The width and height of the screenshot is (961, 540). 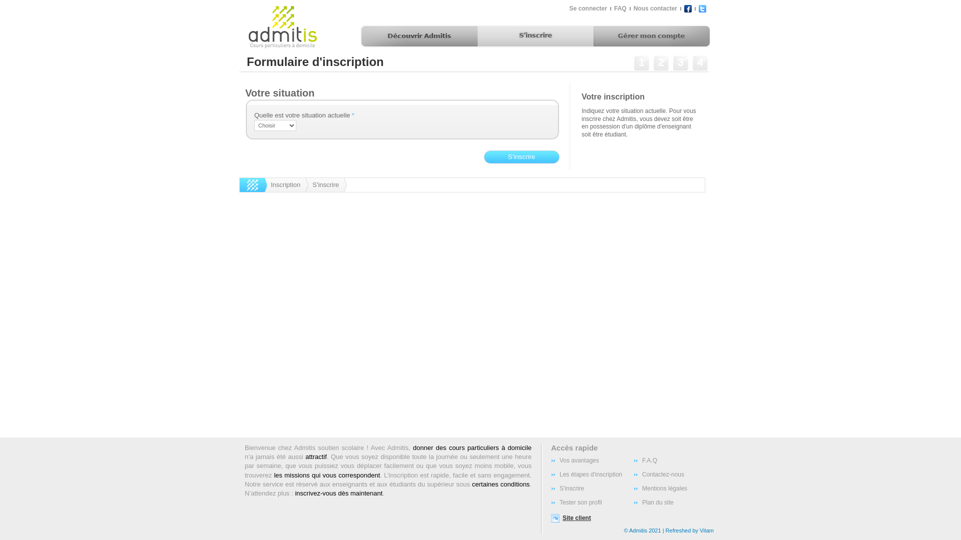 I want to click on '4', so click(x=691, y=63).